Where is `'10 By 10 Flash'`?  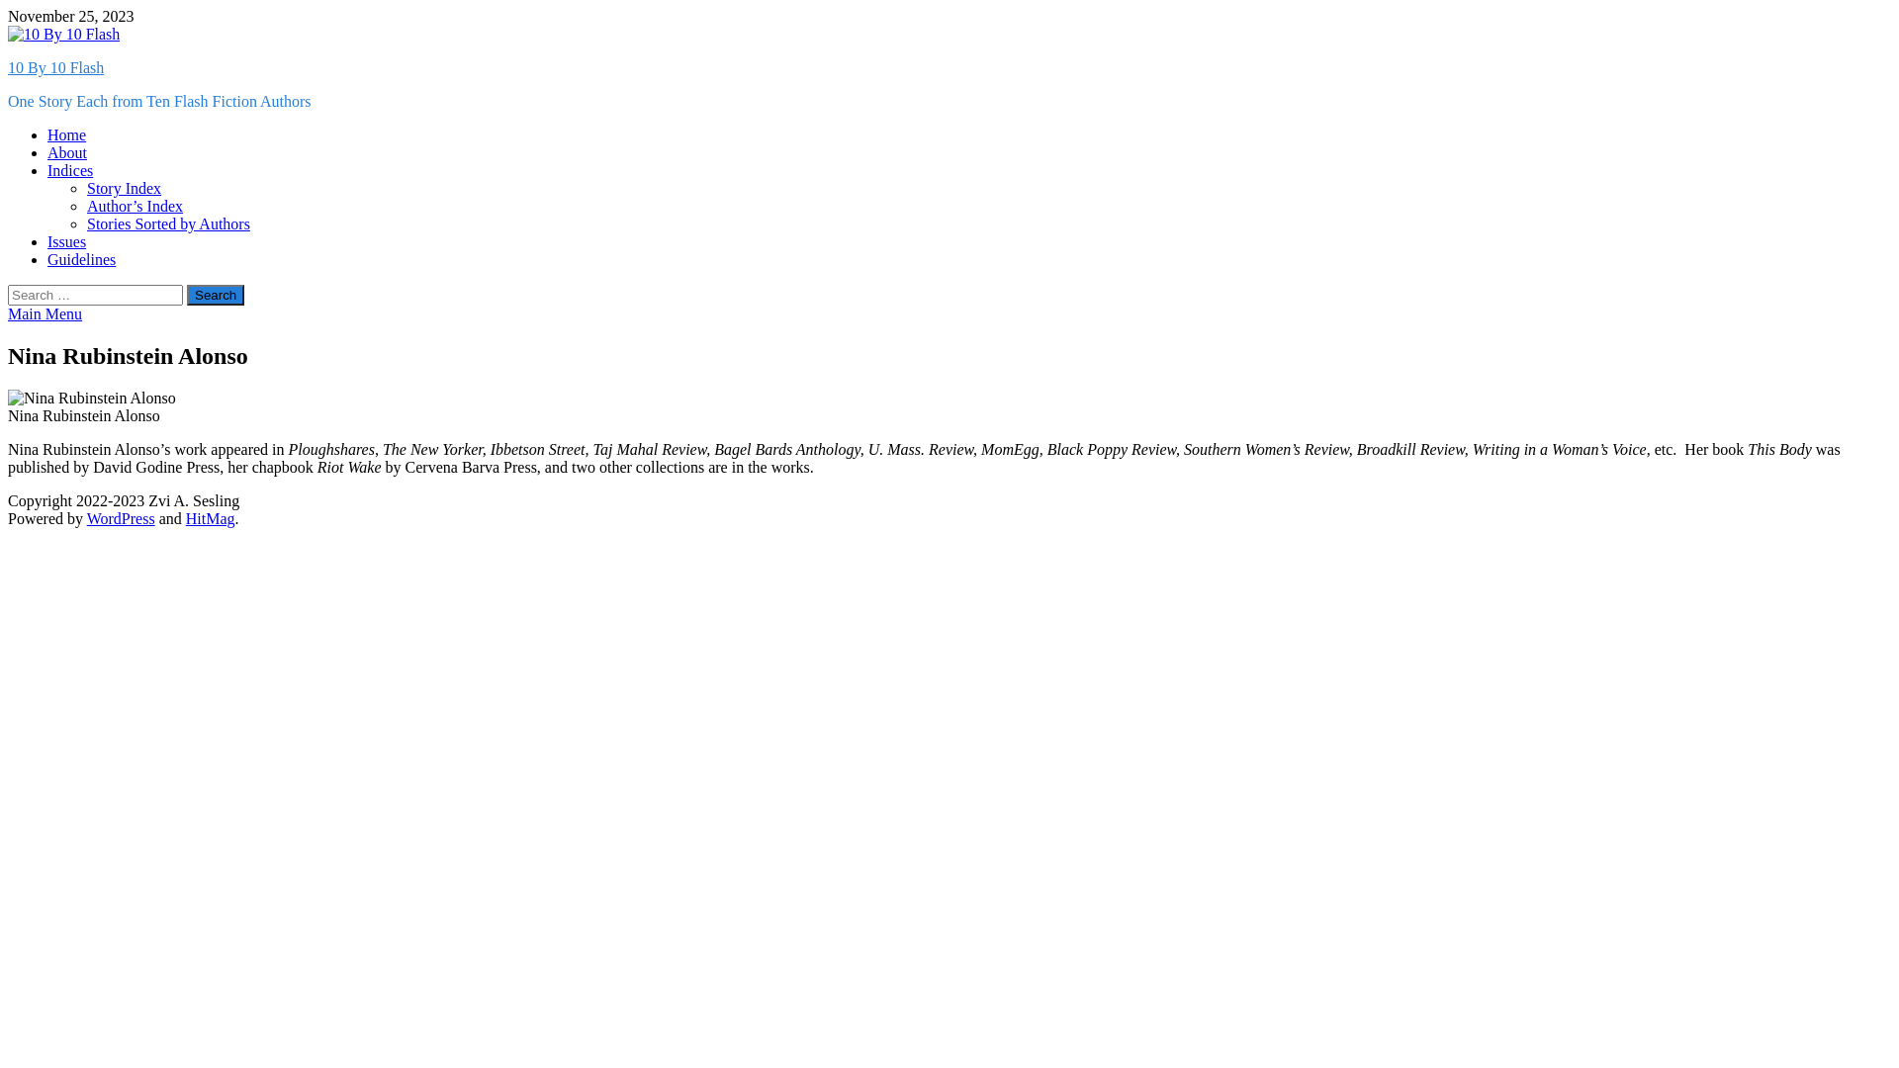
'10 By 10 Flash' is located at coordinates (55, 66).